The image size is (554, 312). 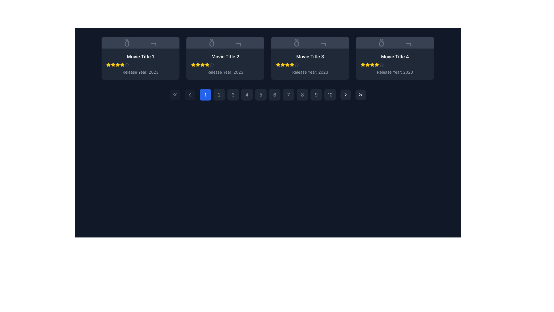 I want to click on the decorative centered emoticon symbol '🎬' in the second movie card (Movie Title 2), which is styled with a large font size and located at the top section of the card, so click(x=225, y=42).